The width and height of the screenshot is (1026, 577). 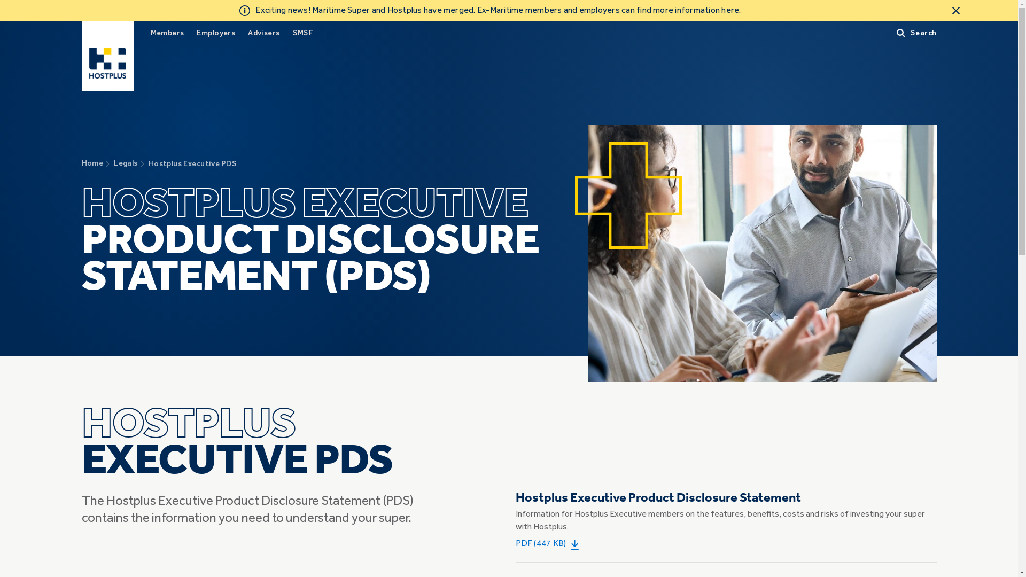 What do you see at coordinates (126, 163) in the screenshot?
I see `'Legals'` at bounding box center [126, 163].